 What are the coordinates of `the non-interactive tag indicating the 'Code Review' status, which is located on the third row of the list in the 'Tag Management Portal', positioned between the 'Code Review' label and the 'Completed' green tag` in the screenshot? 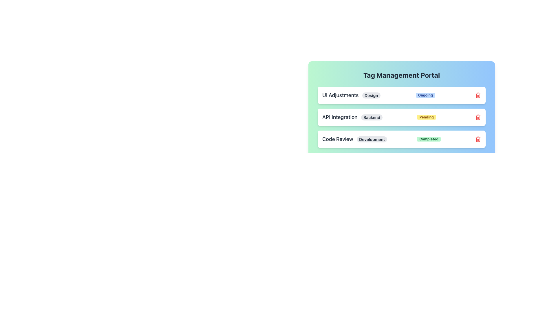 It's located at (372, 139).